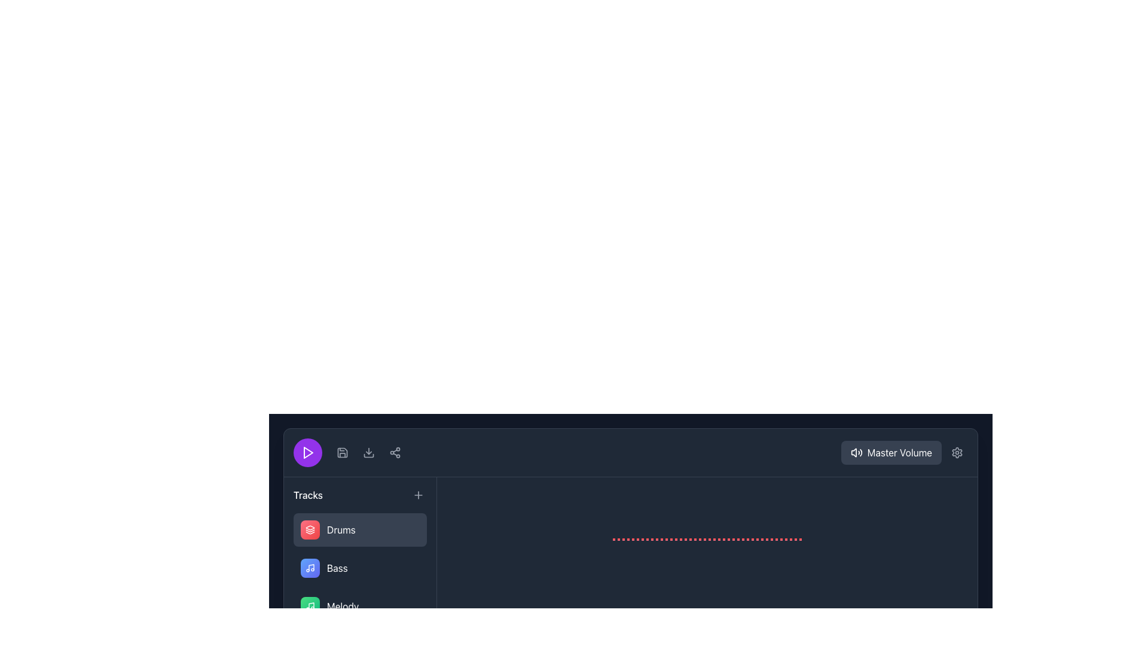  Describe the element at coordinates (368, 452) in the screenshot. I see `the rounded square button with a download icon, located in the middle of three action buttons, to initiate a download action` at that location.